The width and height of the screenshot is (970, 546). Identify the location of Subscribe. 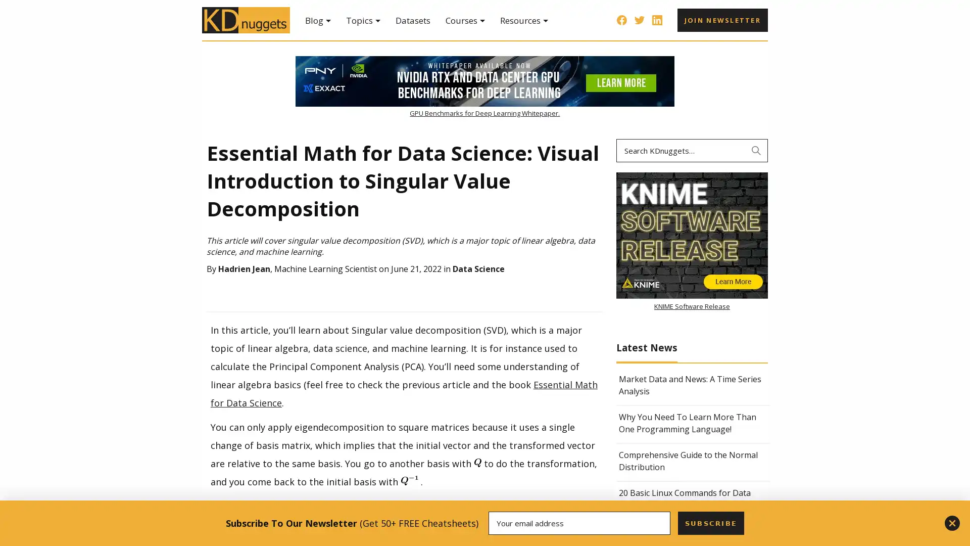
(710, 523).